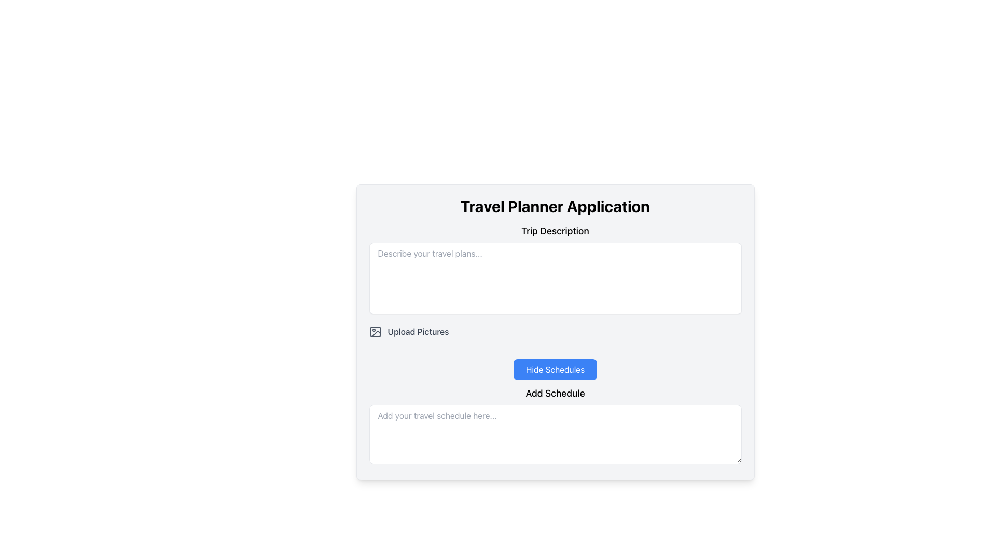  Describe the element at coordinates (375, 332) in the screenshot. I see `the graphical component outlined within an icon, which is located to the left of the 'Upload Pictures' text label` at that location.